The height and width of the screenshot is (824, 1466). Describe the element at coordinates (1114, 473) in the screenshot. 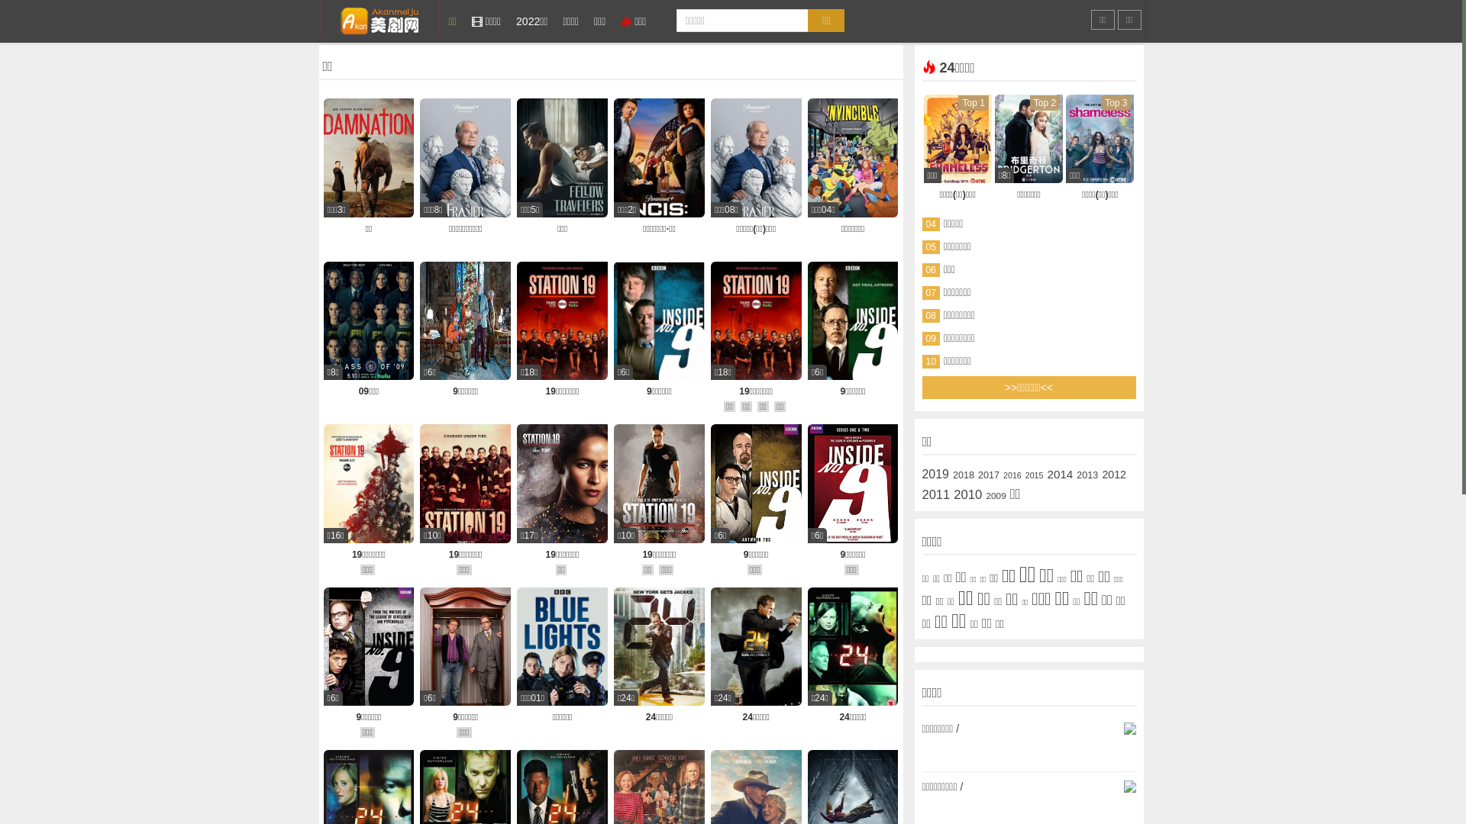

I see `'2012'` at that location.